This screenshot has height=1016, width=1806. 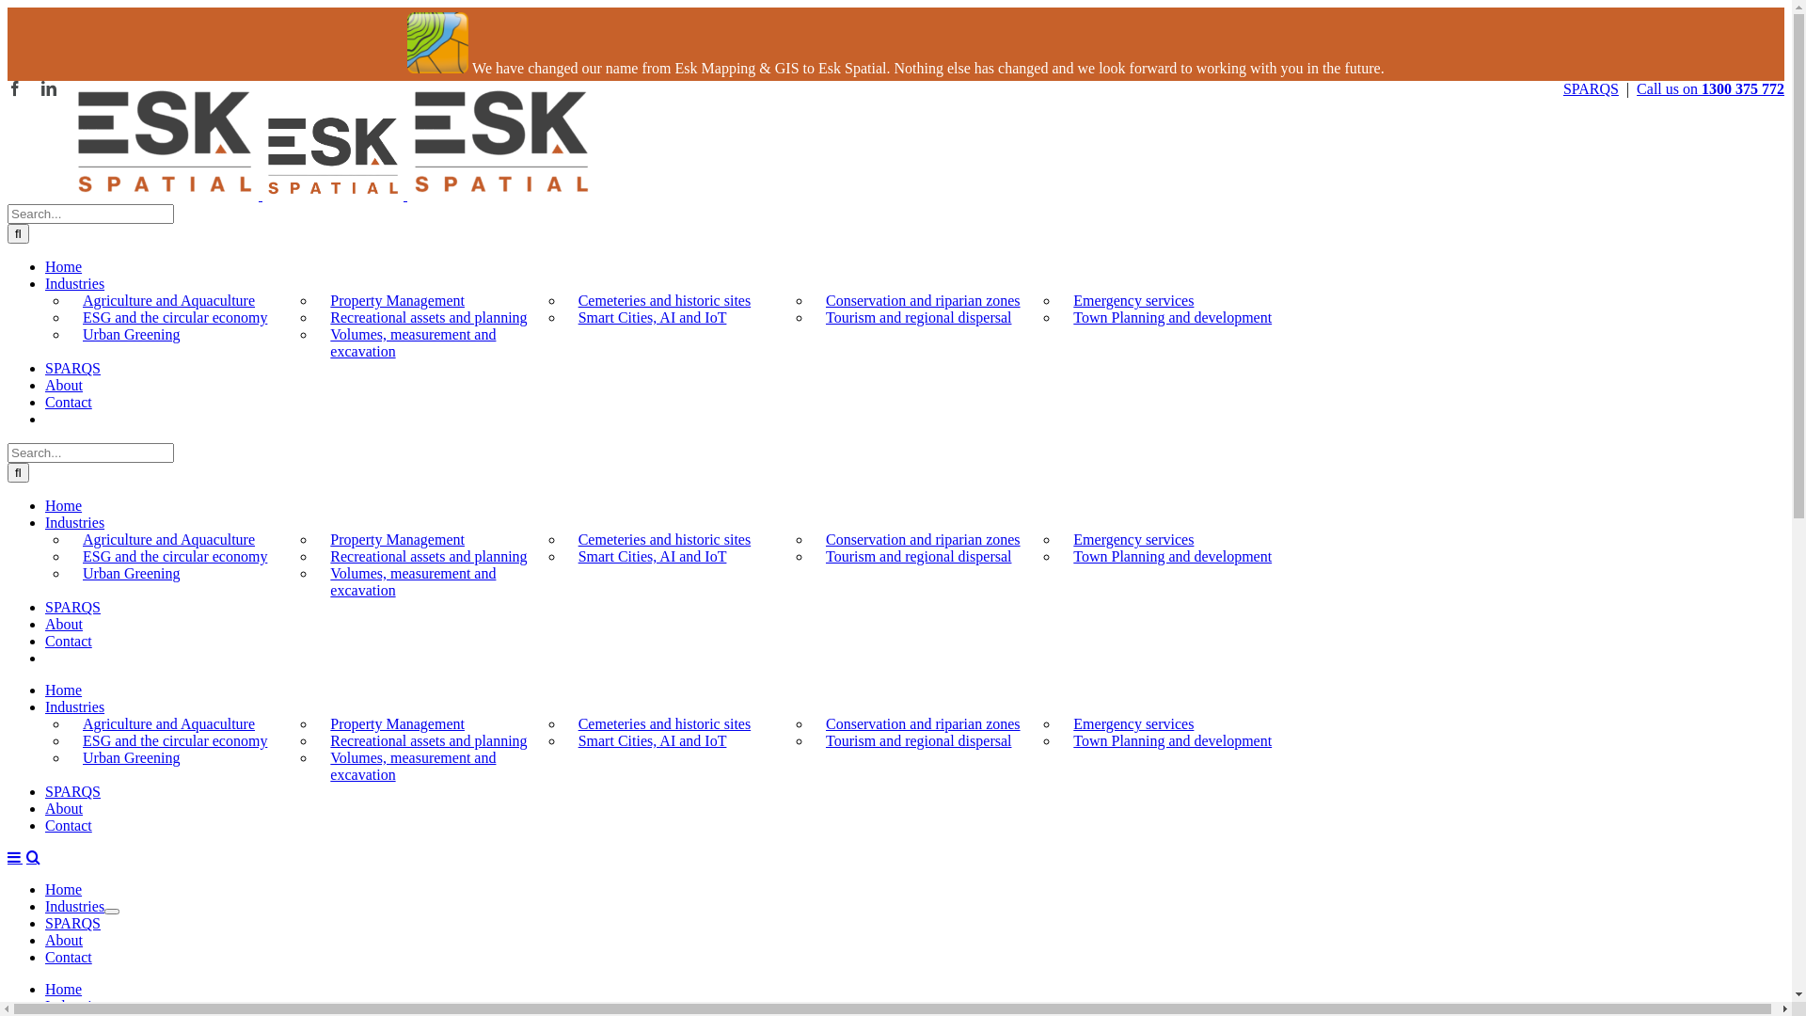 What do you see at coordinates (1132, 539) in the screenshot?
I see `'Emergency services'` at bounding box center [1132, 539].